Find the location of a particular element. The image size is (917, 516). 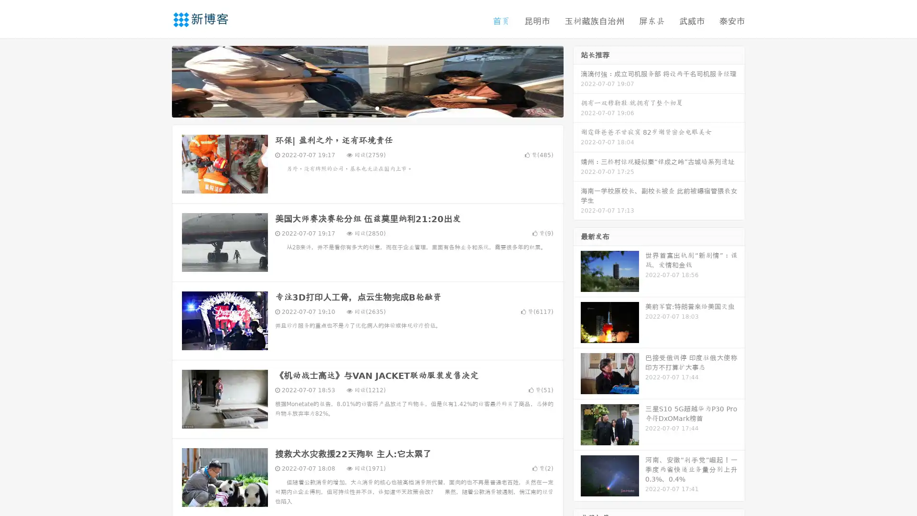

Go to slide 3 is located at coordinates (377, 107).